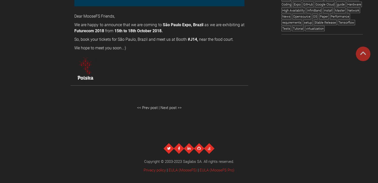 The height and width of the screenshot is (183, 378). Describe the element at coordinates (74, 30) in the screenshot. I see `'Futurecom 2018'` at that location.